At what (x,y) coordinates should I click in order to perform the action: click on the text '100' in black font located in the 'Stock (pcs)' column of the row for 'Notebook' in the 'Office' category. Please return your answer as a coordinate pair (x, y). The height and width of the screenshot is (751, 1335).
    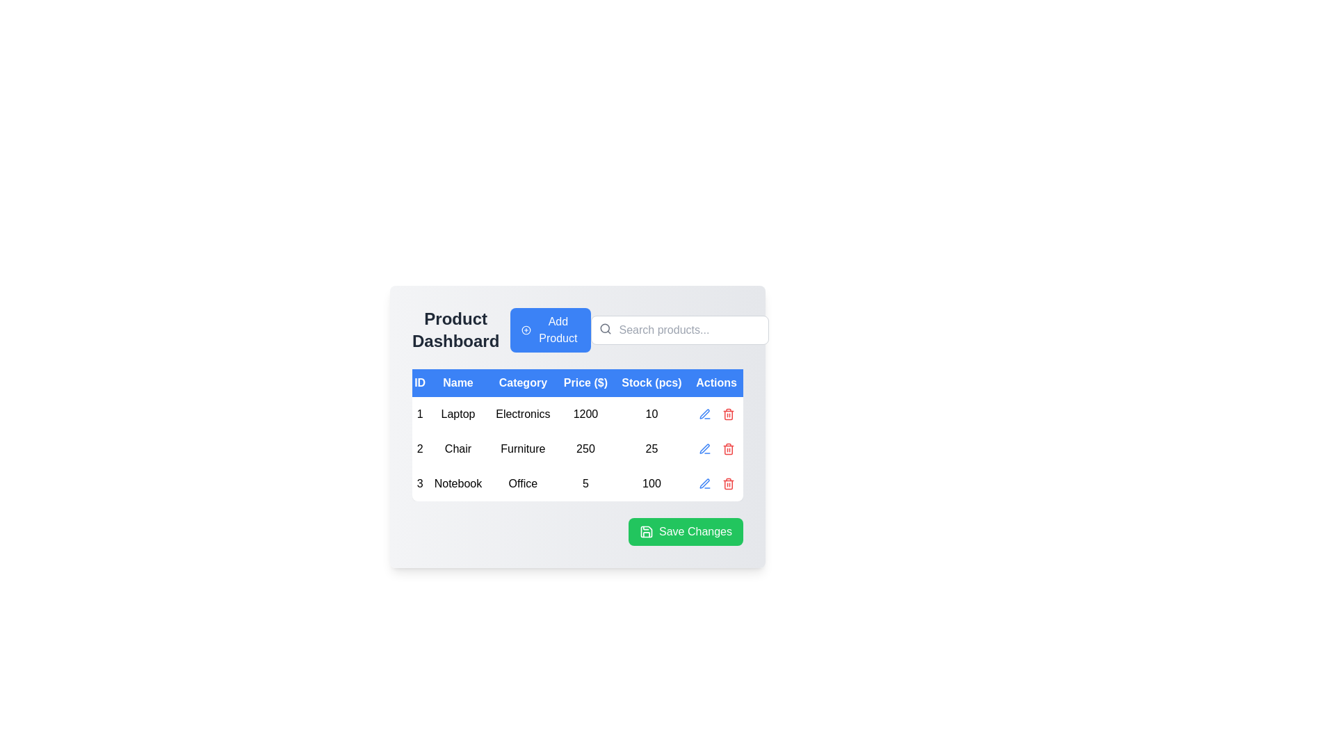
    Looking at the image, I should click on (651, 483).